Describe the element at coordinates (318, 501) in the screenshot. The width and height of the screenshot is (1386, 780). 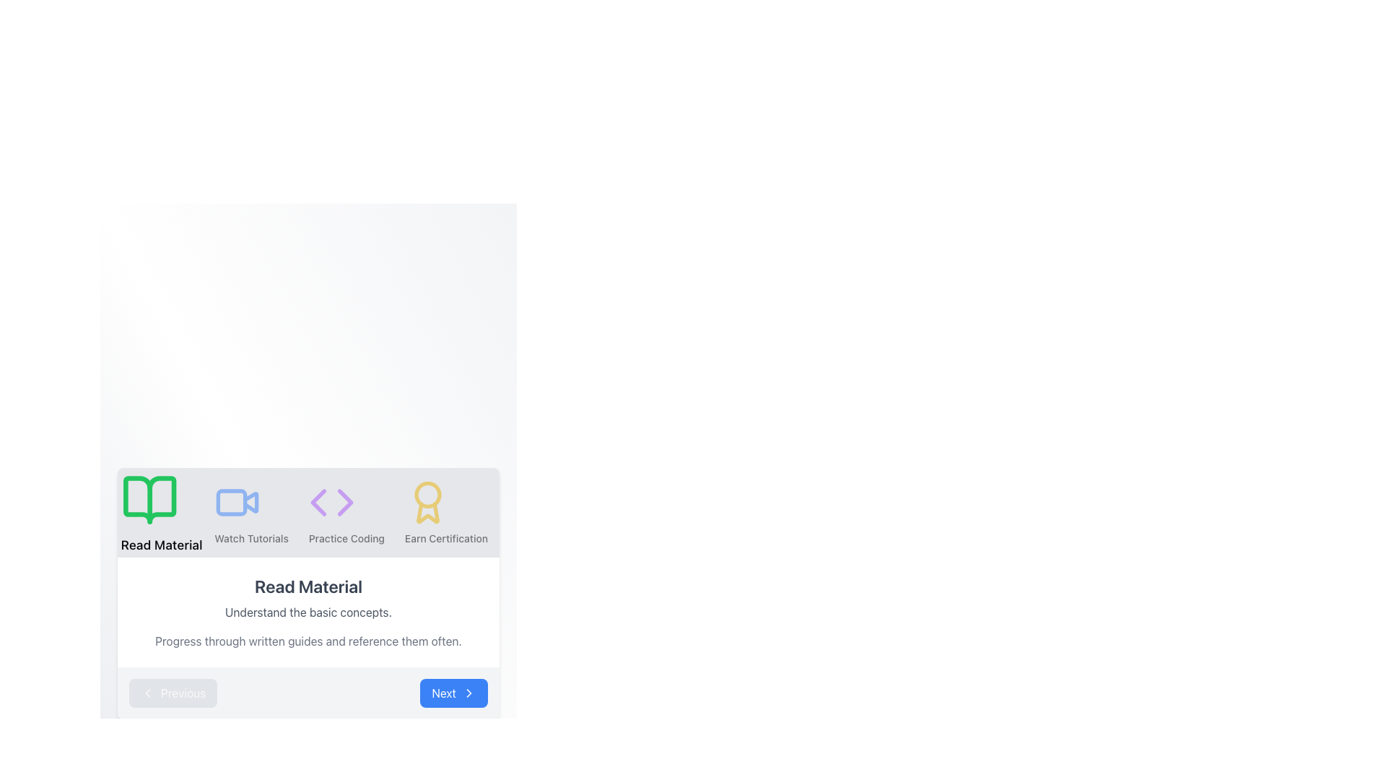
I see `the leftward-pointing purple arrow SVG graphic icon, which is part of a navigation set of arrows` at that location.